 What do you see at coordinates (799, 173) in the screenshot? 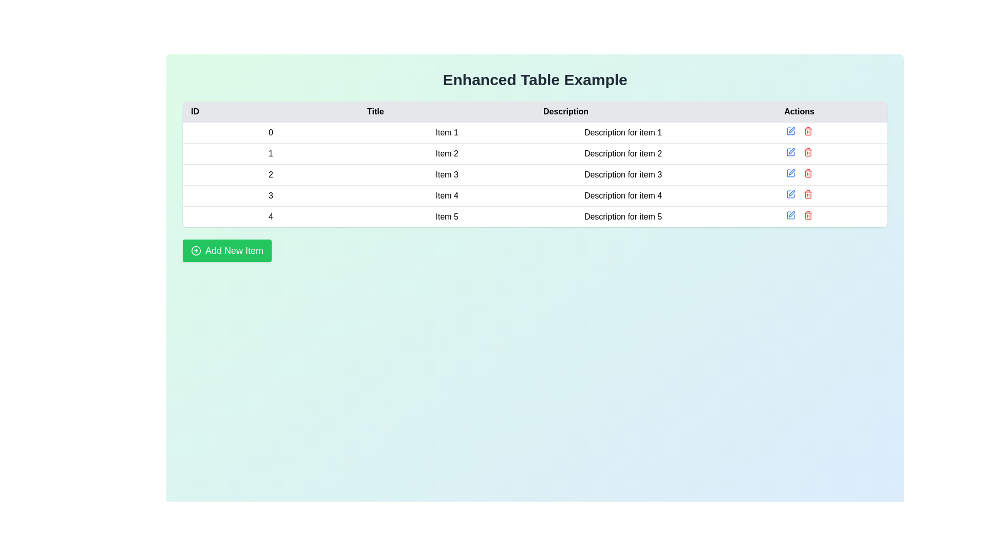
I see `the 'Edit' button in the interactive control group for 'Item 3' in the Actions section of the table` at bounding box center [799, 173].